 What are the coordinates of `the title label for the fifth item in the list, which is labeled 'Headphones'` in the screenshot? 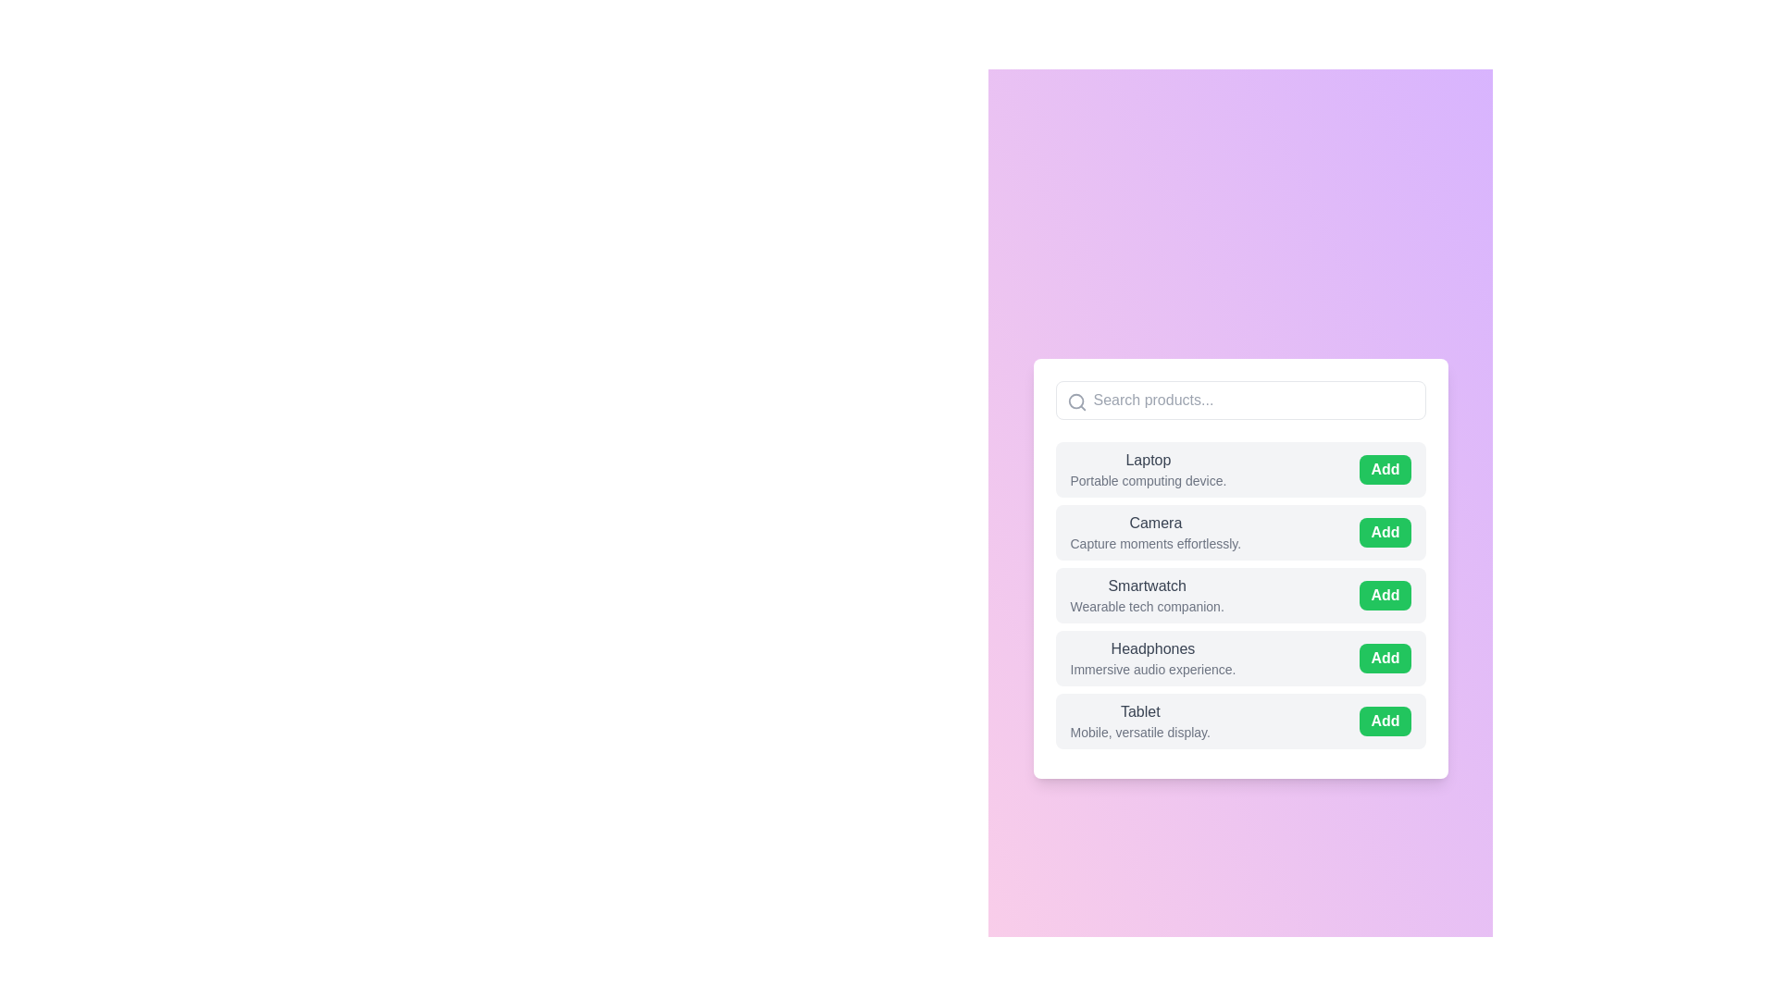 It's located at (1139, 711).